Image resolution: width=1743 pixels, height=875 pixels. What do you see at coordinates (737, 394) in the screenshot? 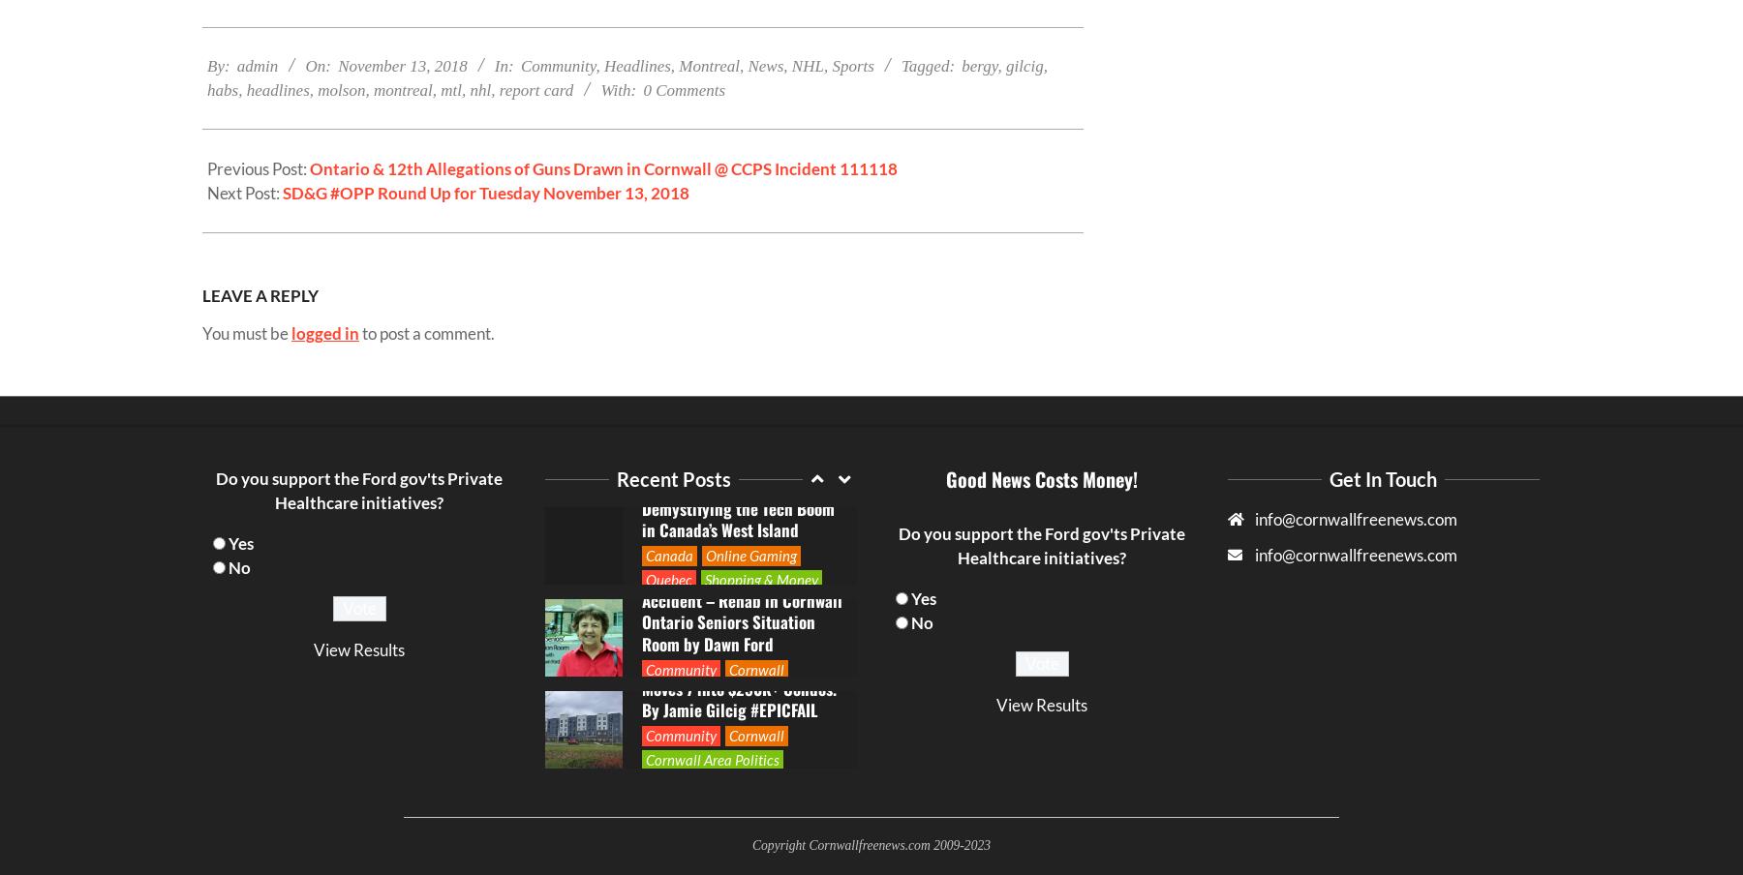
I see `'City of Cornwall Panders to CBC After Homeless Person Dies at River Encampment.  Moves 7 into $250K+ Condos.  By Jamie Gilcig #EPICFAIL'` at bounding box center [737, 394].